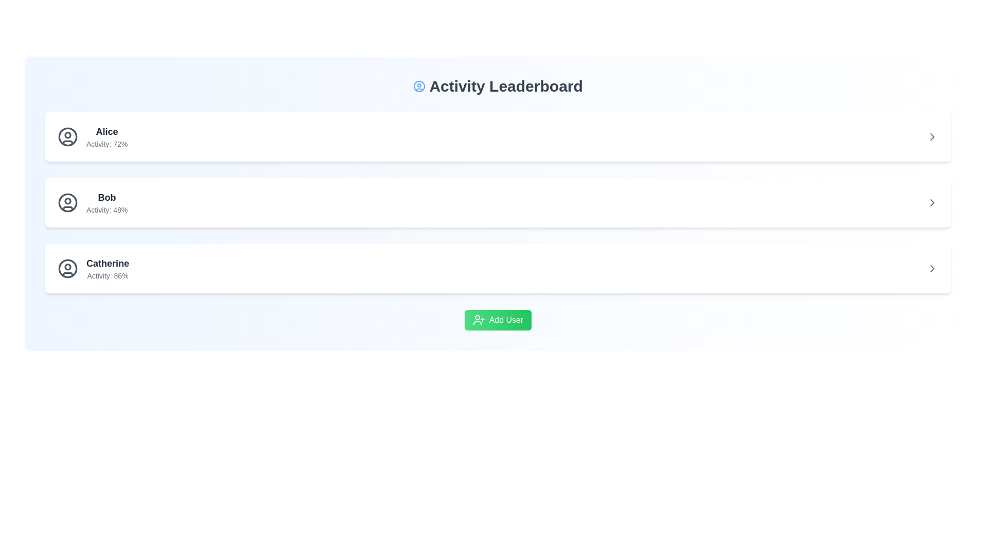 Image resolution: width=988 pixels, height=556 pixels. I want to click on the text label displaying 'Bob' in bold and dark gray color, located in the second row of the list-like interface, so click(107, 198).